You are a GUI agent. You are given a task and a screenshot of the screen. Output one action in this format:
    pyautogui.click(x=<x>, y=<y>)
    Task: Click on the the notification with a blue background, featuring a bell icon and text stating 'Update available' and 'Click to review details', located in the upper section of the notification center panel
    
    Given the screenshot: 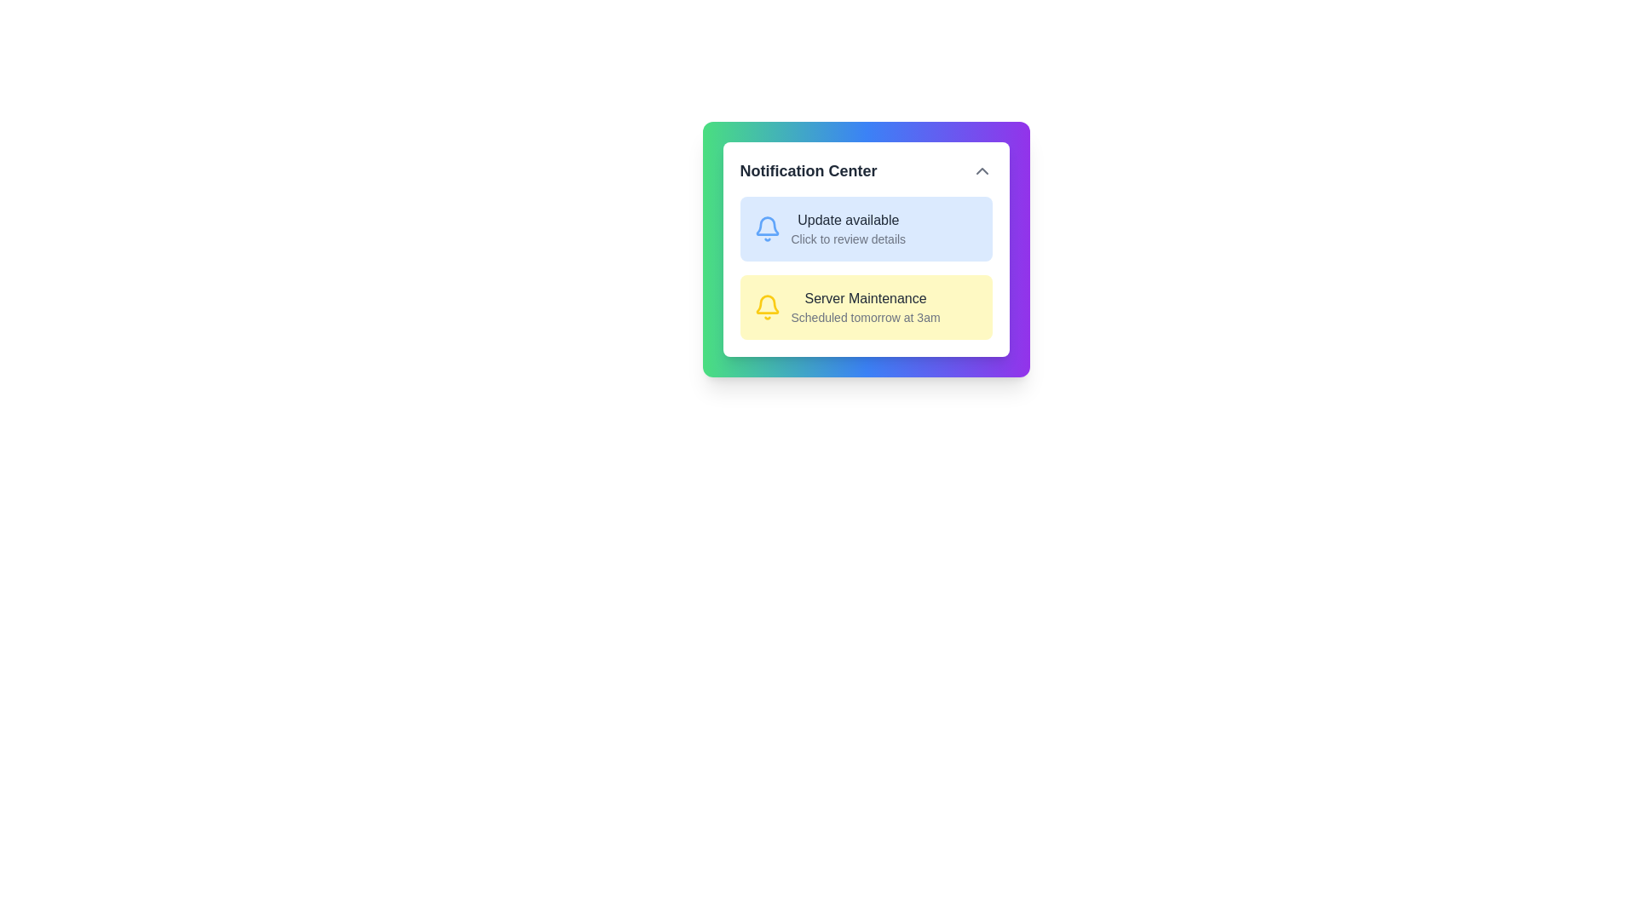 What is the action you would take?
    pyautogui.click(x=866, y=228)
    